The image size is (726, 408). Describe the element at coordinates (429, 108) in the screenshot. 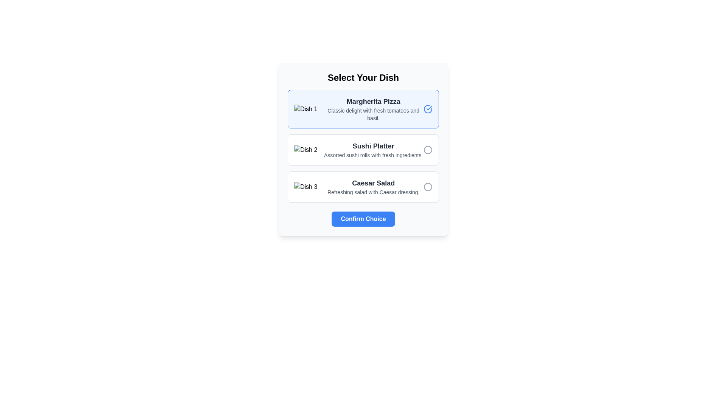

I see `the small blue checkmark icon indicating the selected state of 'Margherita Pizza' located at the top-right corner of the selection card` at that location.